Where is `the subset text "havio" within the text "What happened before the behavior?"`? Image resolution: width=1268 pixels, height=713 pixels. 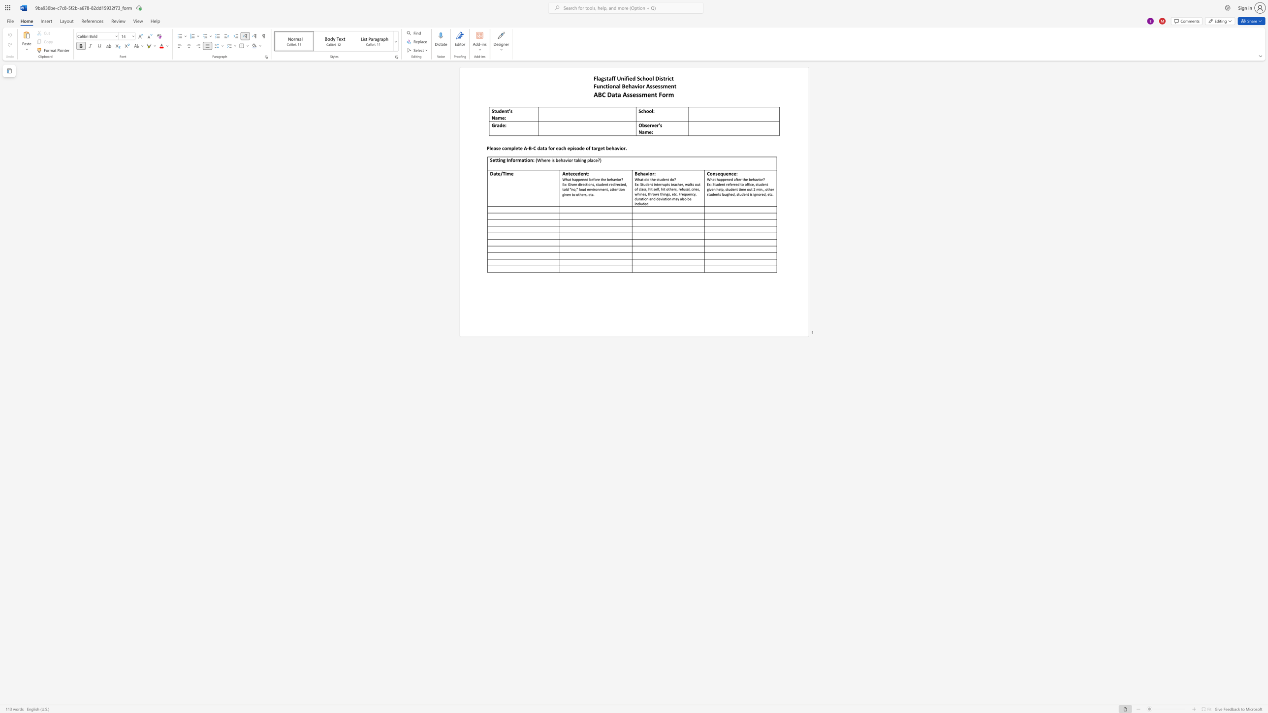 the subset text "havio" within the text "What happened before the behavior?" is located at coordinates (610, 179).